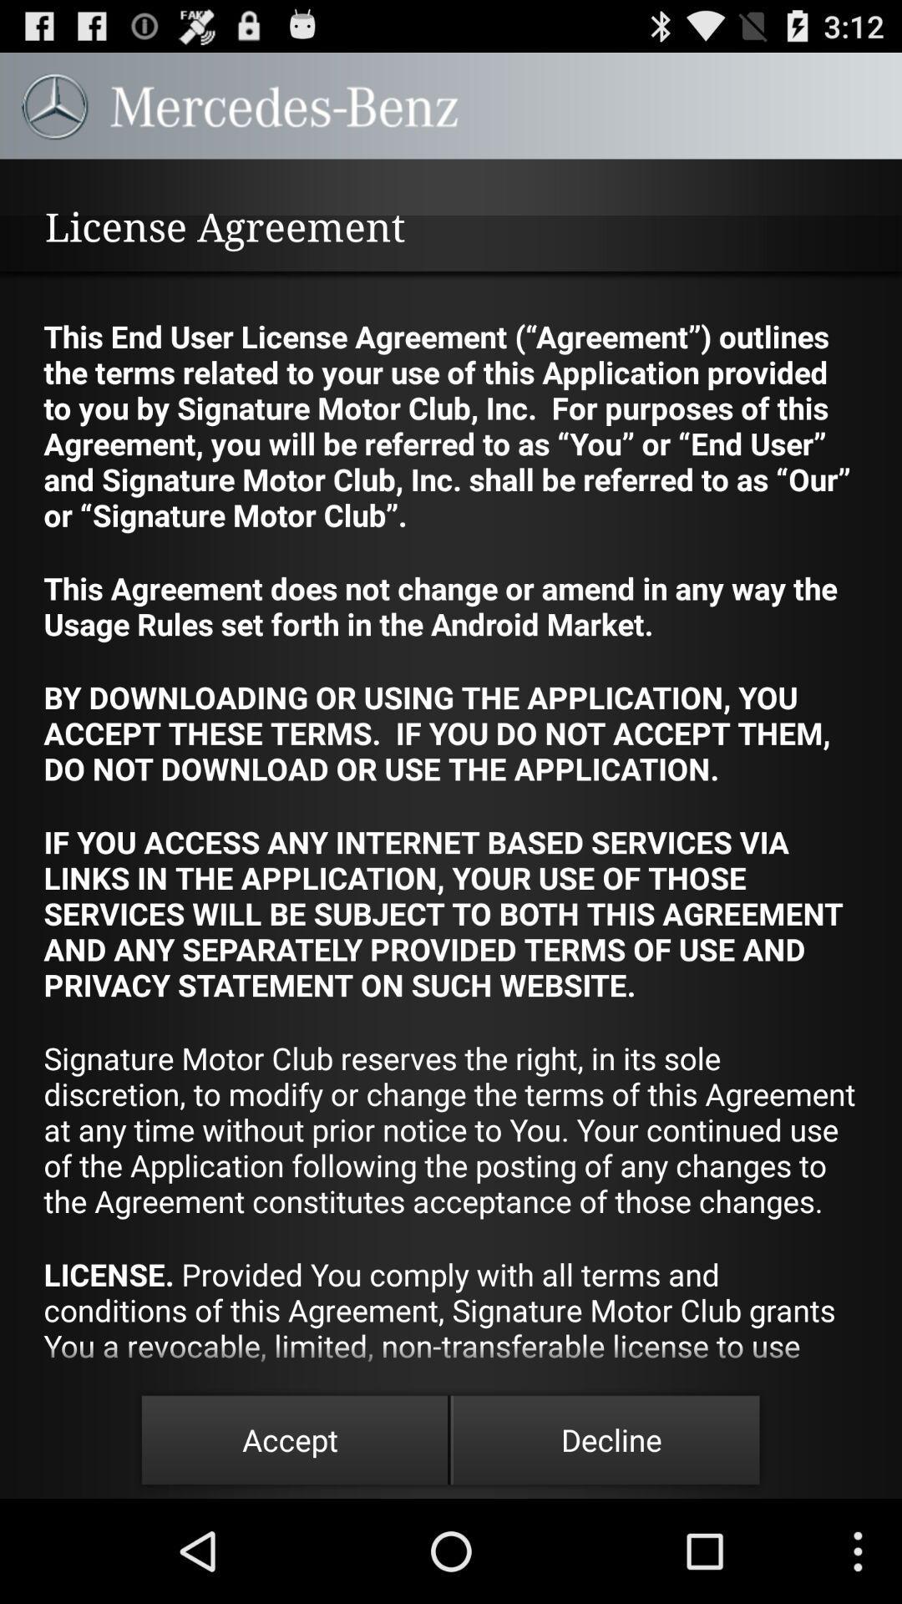 This screenshot has width=902, height=1604. Describe the element at coordinates (611, 1439) in the screenshot. I see `decline at the bottom right corner` at that location.